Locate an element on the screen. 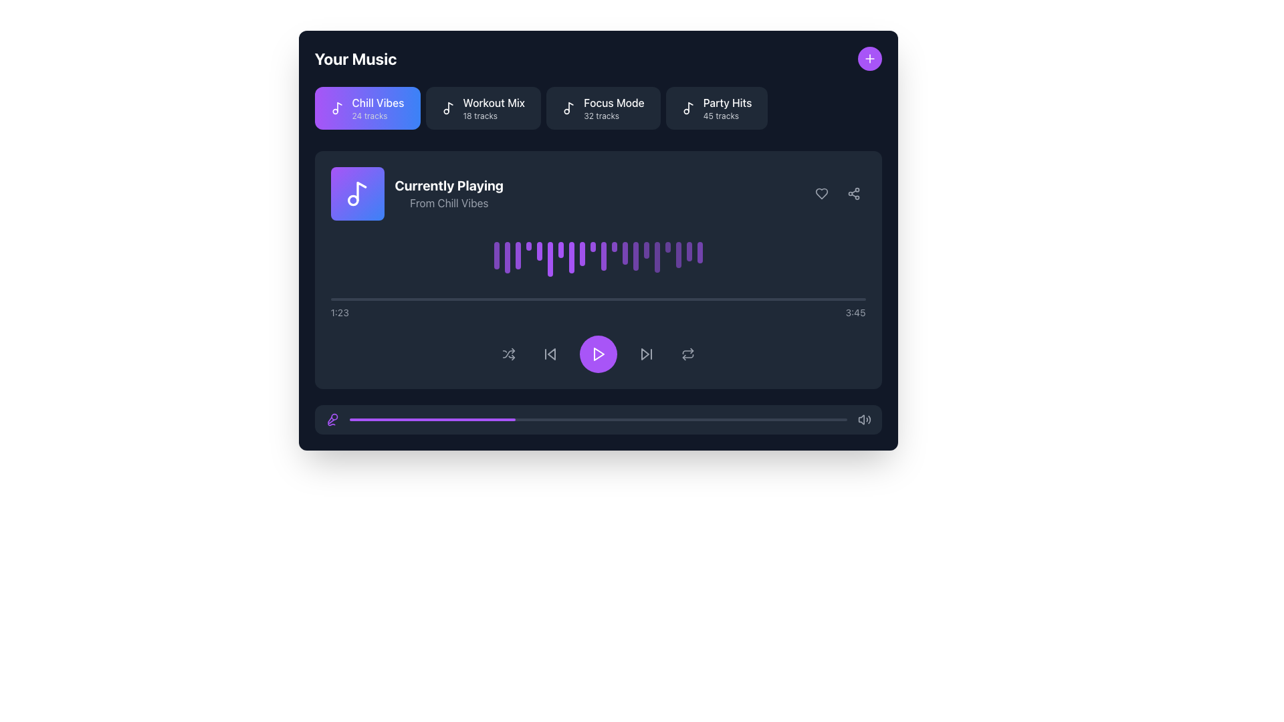 Image resolution: width=1284 pixels, height=722 pixels. the music icon located at the left side of the 'Workout Mix' button, which is part of a horizontal list of buttons, just below the text 'Your Music' is located at coordinates (448, 108).